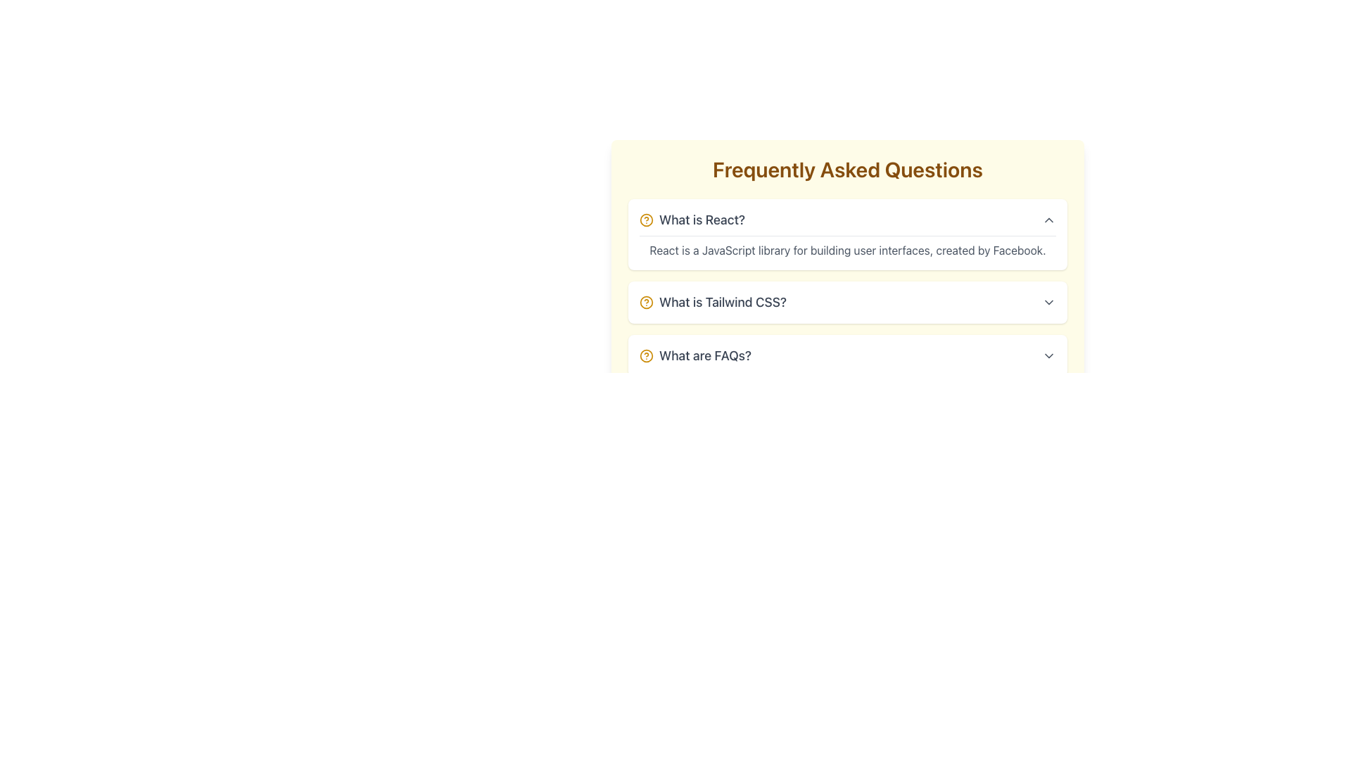  Describe the element at coordinates (846, 234) in the screenshot. I see `the expandable list item titled 'What is React?' in the FAQ component` at that location.